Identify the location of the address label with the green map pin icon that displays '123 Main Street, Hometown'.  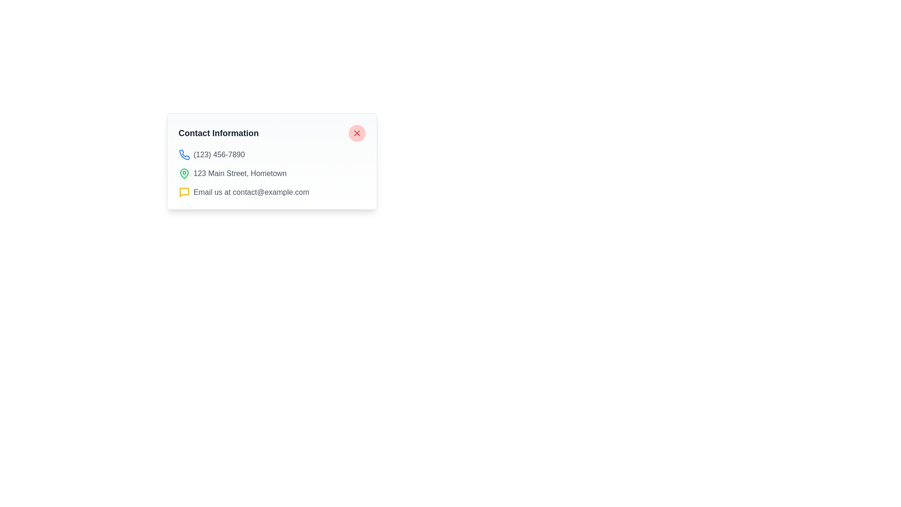
(271, 174).